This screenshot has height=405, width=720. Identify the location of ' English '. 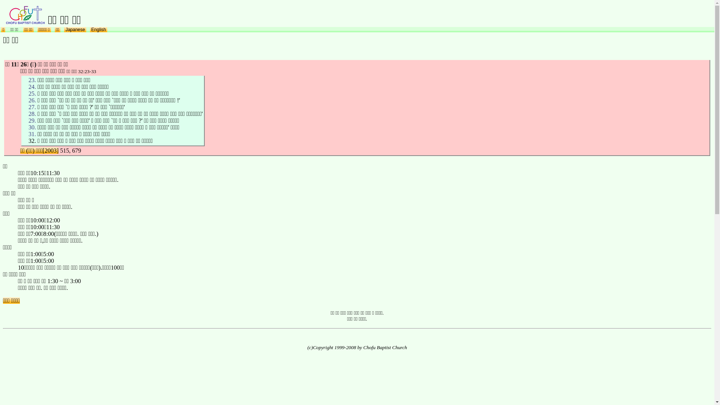
(98, 29).